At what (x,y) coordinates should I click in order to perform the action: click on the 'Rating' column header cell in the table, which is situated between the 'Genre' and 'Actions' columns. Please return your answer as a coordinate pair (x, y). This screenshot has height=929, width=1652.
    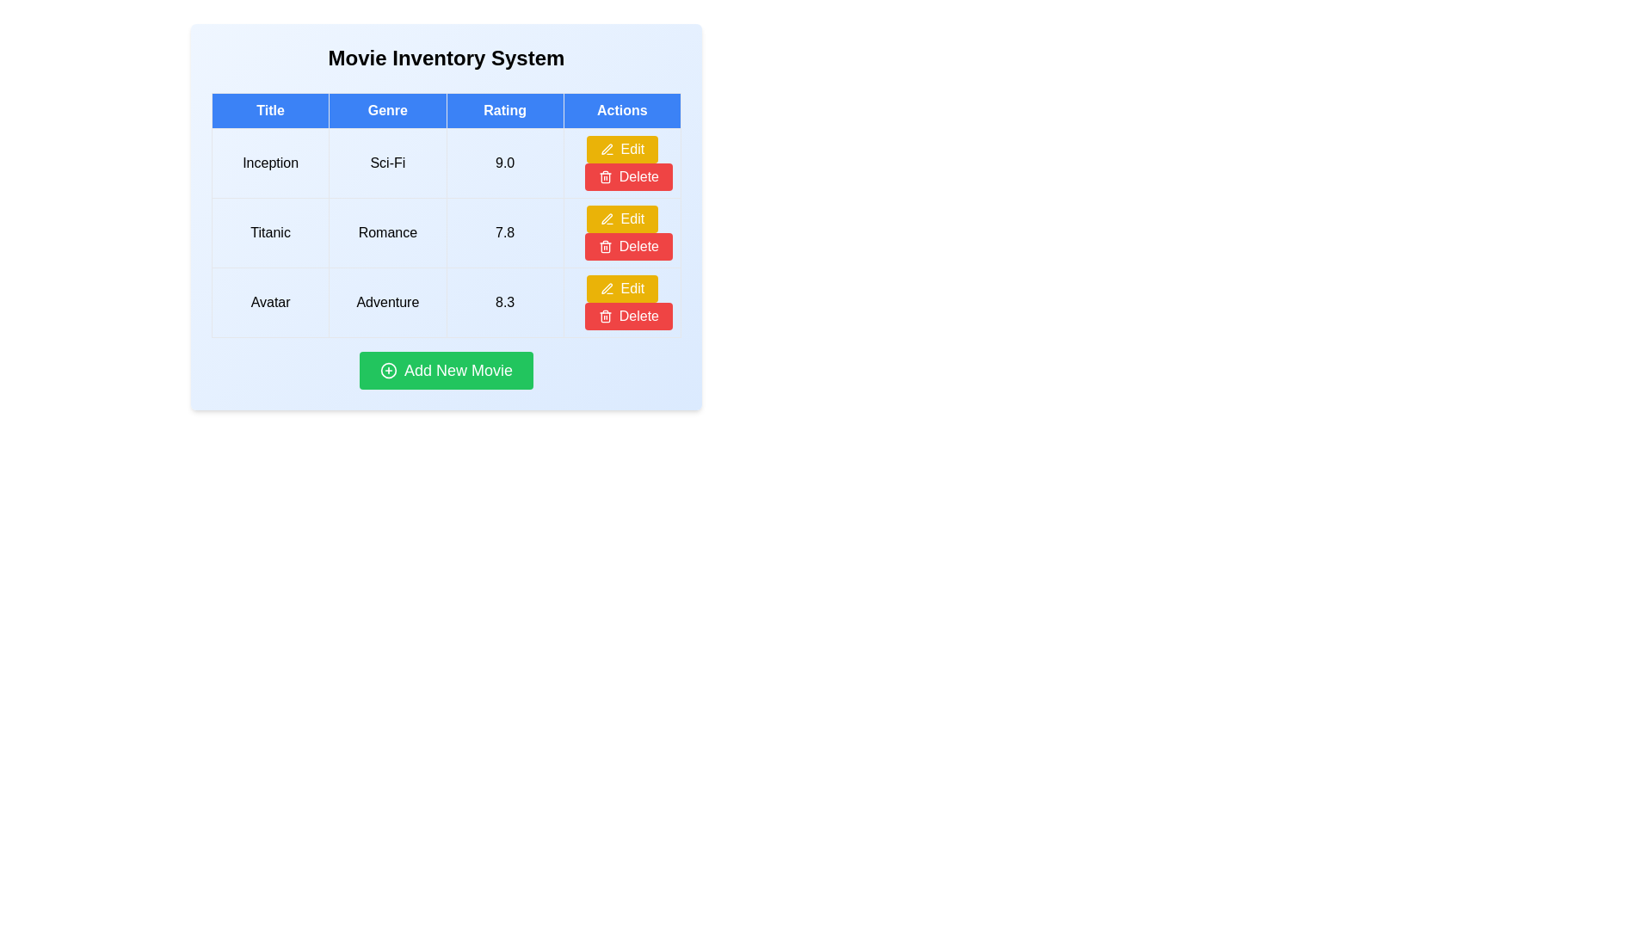
    Looking at the image, I should click on (504, 110).